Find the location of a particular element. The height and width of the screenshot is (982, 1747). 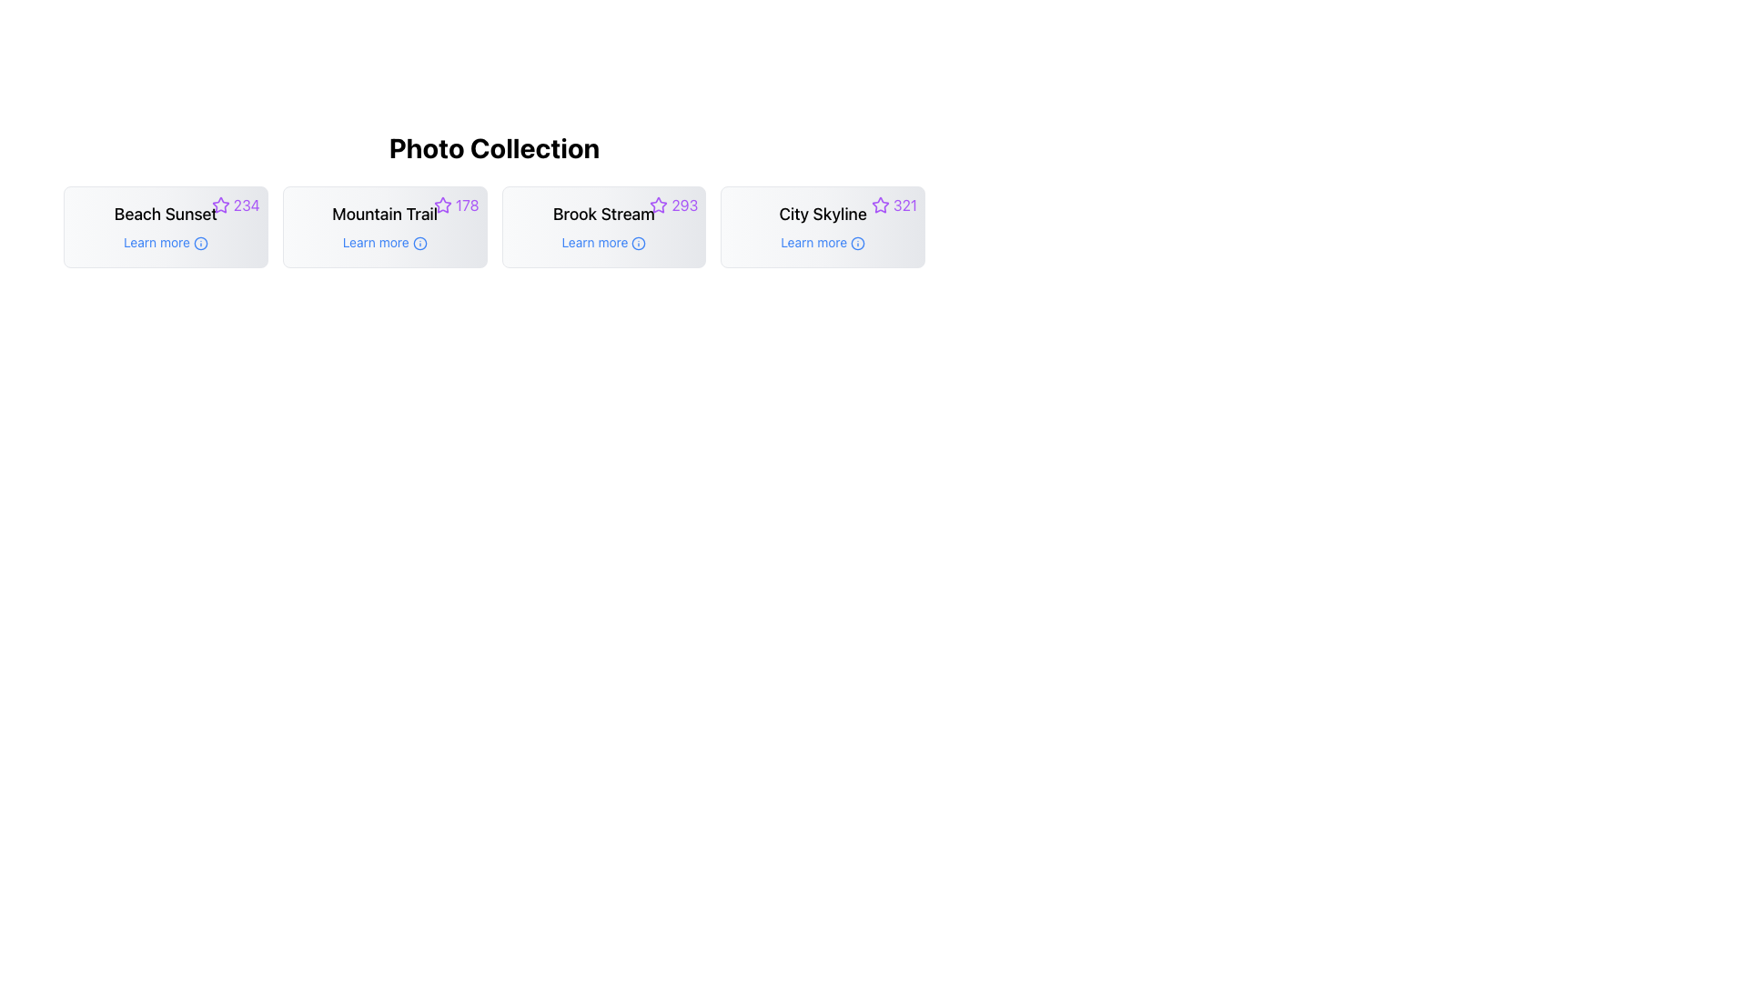

the 'Beach Sunset' text label, which is styled in bold and located in the top-left card of the 'Photo Collection' grid layout is located at coordinates (166, 213).